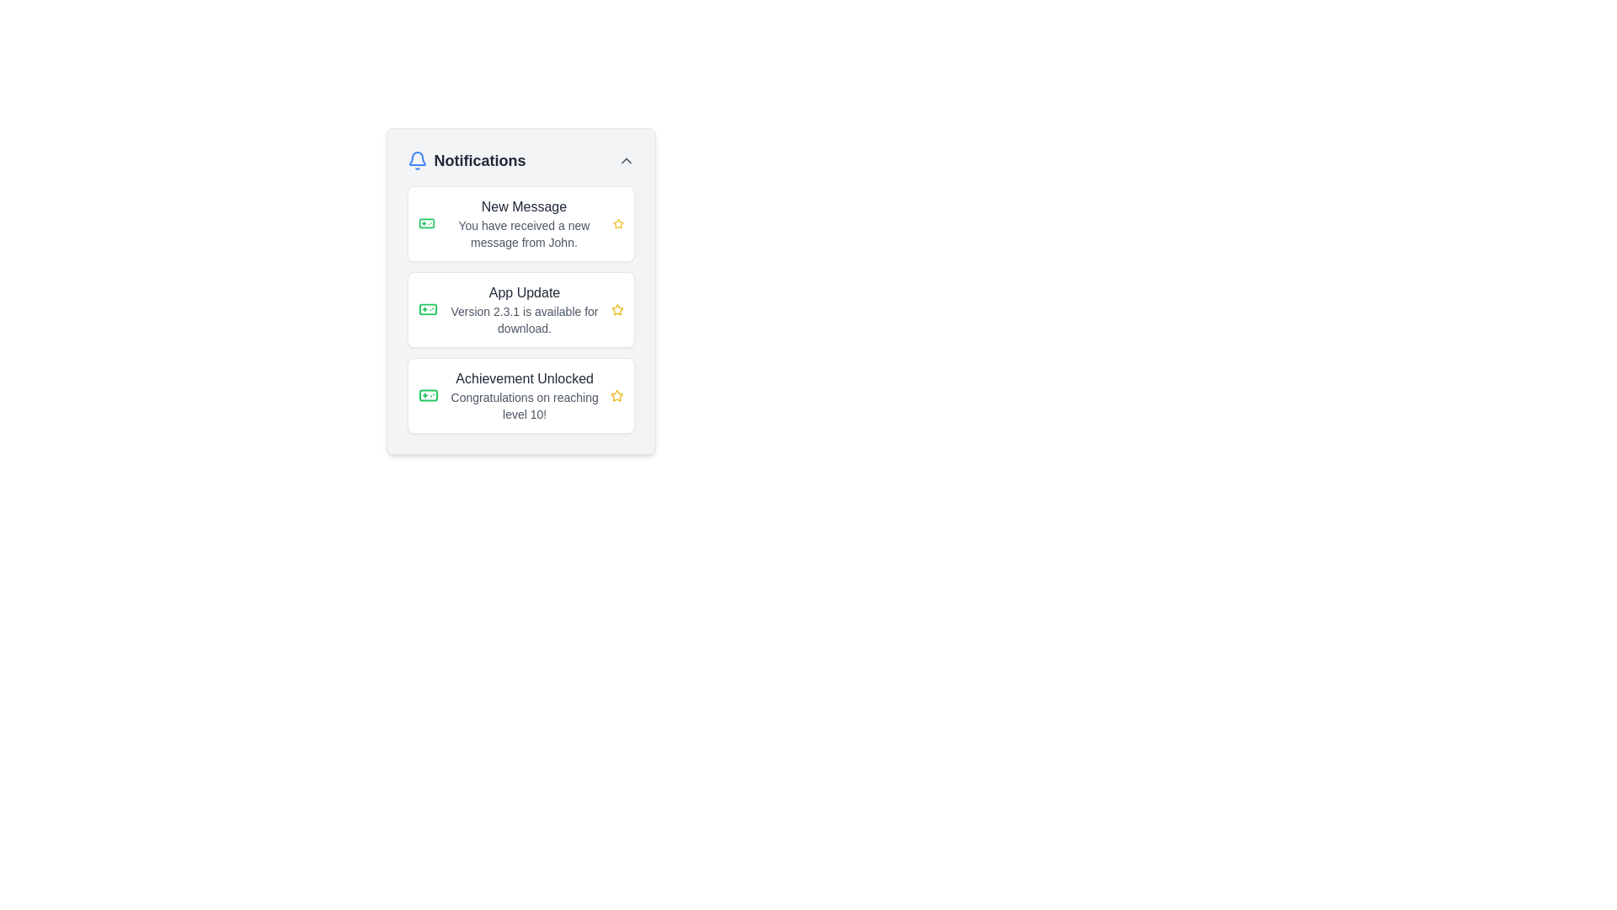 The image size is (1617, 910). Describe the element at coordinates (524, 320) in the screenshot. I see `informational text label located underneath the title of the 'App Update' notification card, positioned in the middle column of the notification list` at that location.